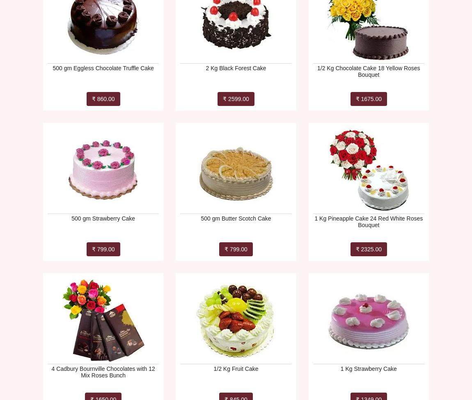  Describe the element at coordinates (369, 71) in the screenshot. I see `'1/2 Kg Chocolate Cake 18 Yellow Roses Bouquet'` at that location.